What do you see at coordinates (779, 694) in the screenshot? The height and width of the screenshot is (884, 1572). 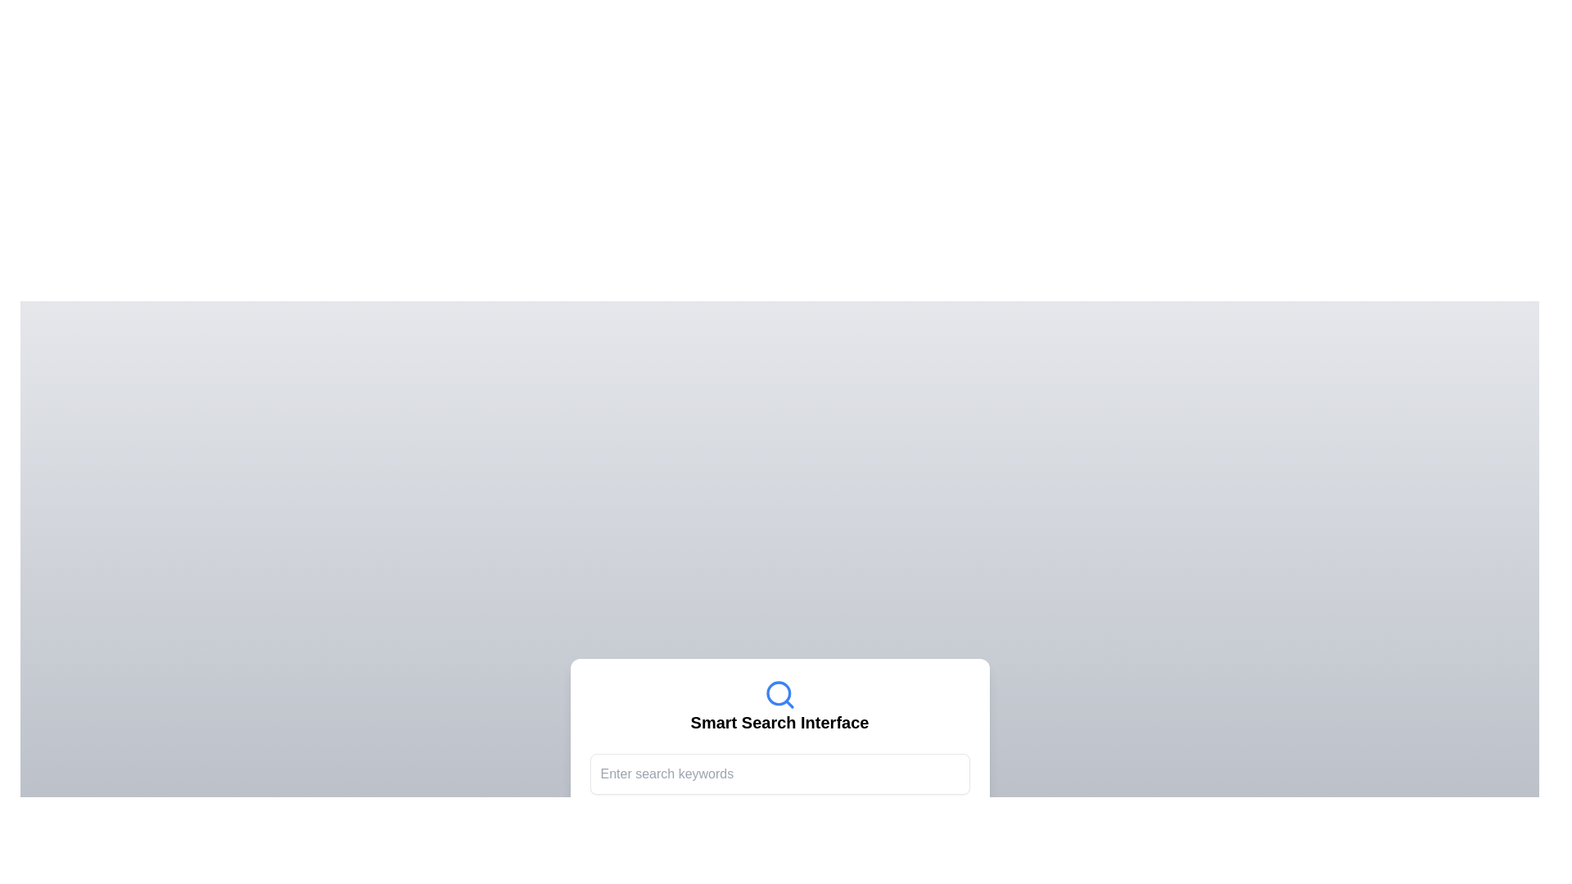 I see `the blue magnifying glass icon, which is associated with search functionality and positioned above the 'Smart Search Interface' label` at bounding box center [779, 694].